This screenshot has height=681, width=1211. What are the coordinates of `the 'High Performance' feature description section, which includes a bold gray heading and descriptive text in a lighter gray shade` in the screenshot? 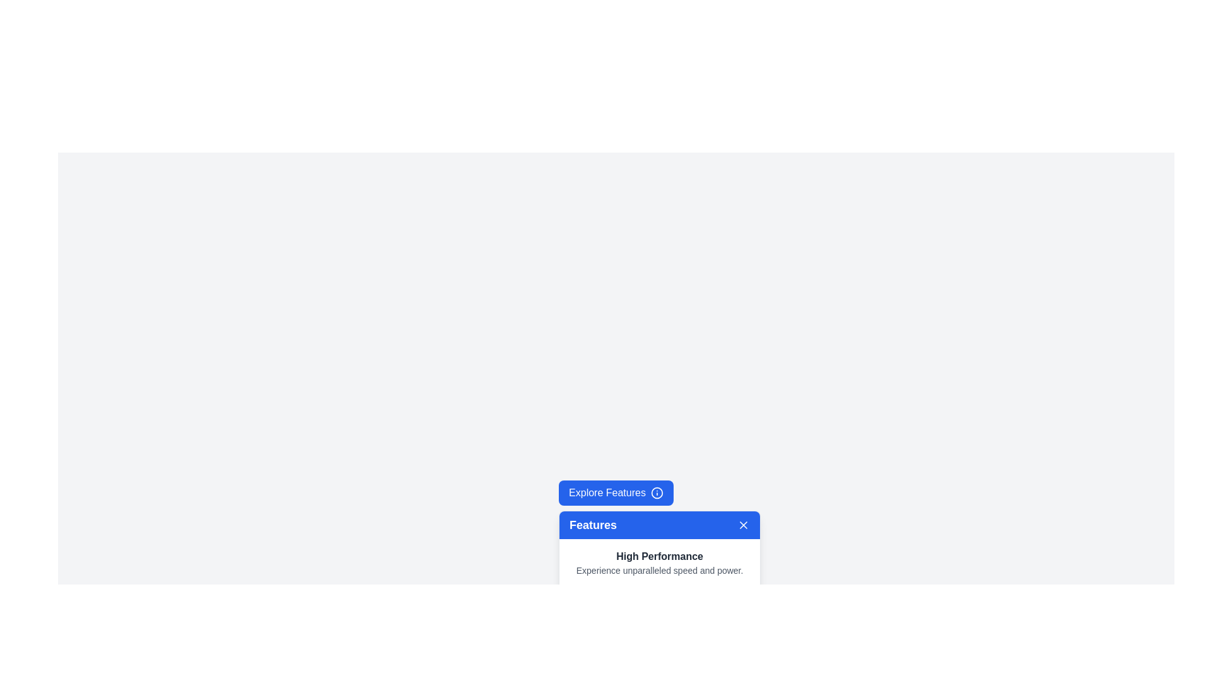 It's located at (659, 562).